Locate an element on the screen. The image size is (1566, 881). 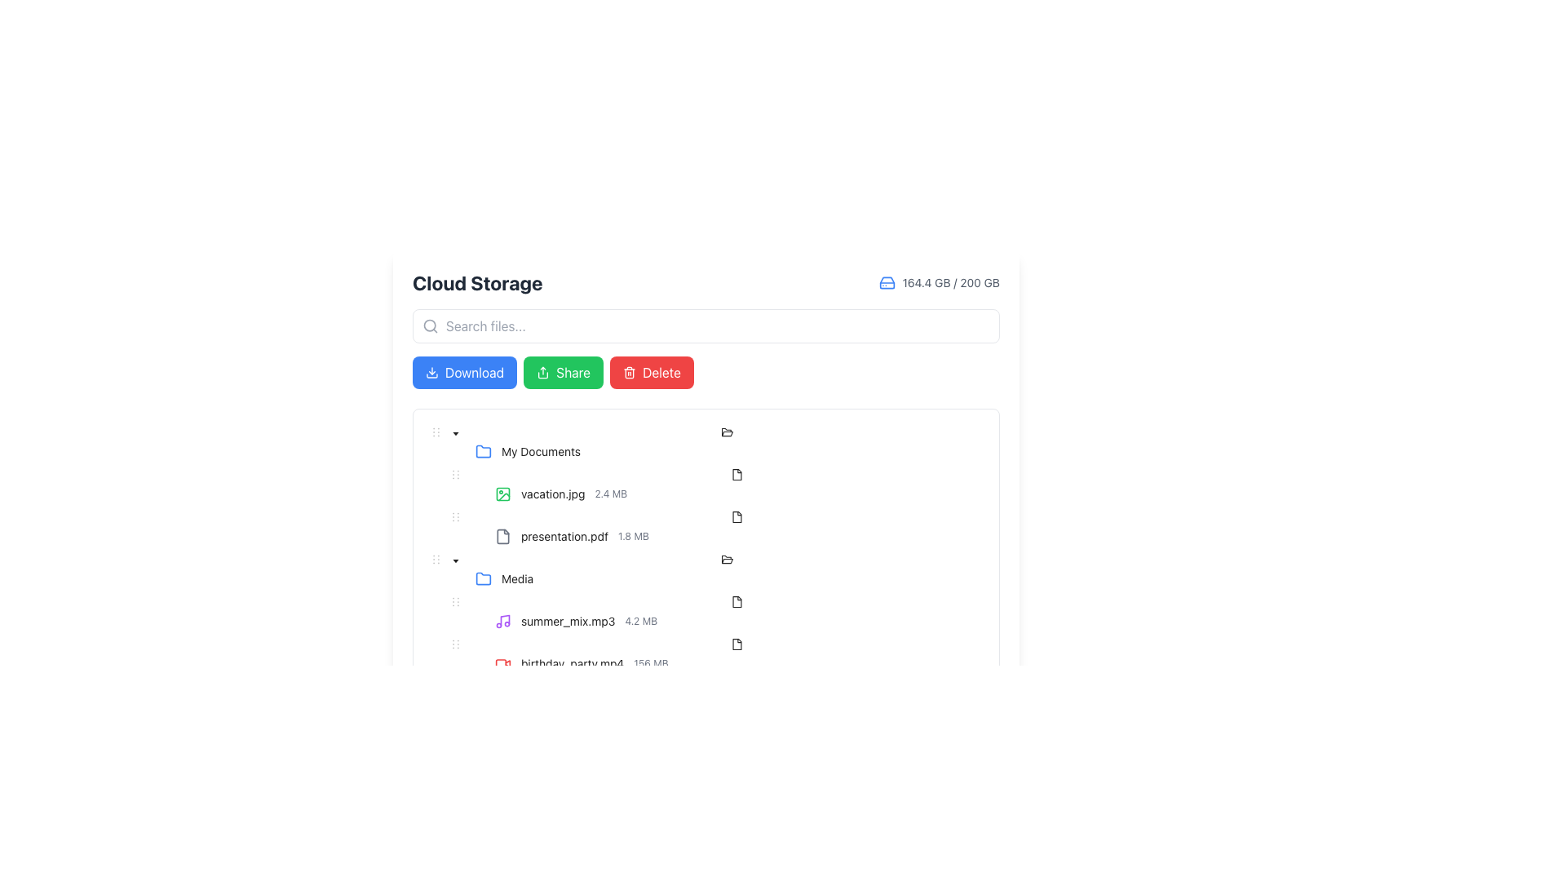
the blue folder icon, which is the first element to the left of the 'Media' label in the file list under 'Cloud Storage' is located at coordinates (483, 578).